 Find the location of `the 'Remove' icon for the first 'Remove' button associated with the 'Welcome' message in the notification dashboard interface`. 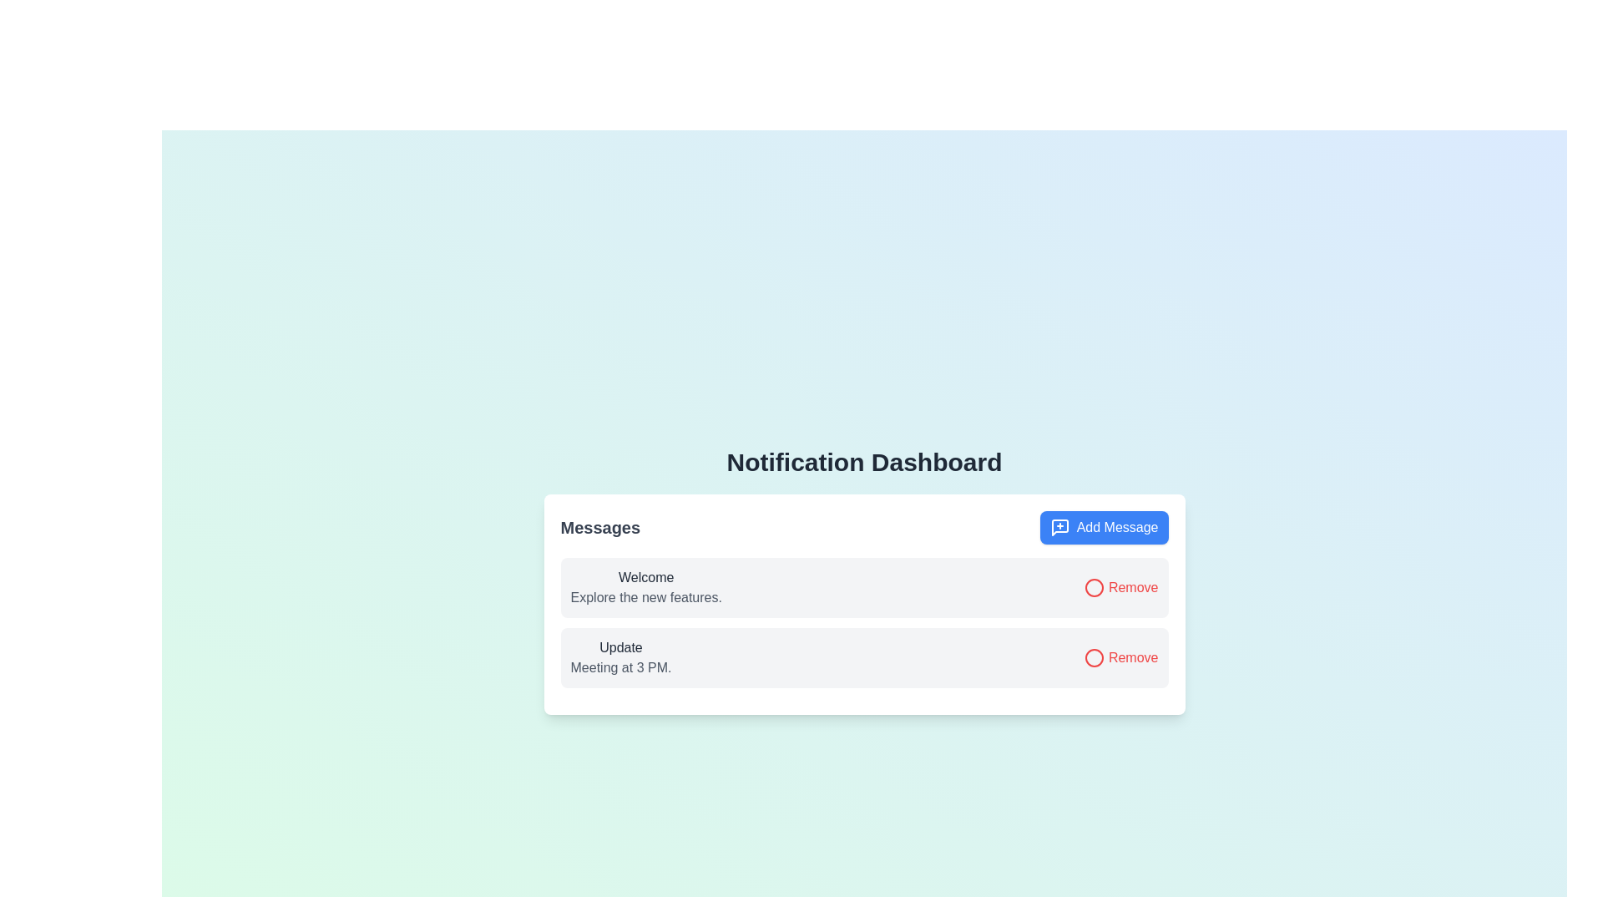

the 'Remove' icon for the first 'Remove' button associated with the 'Welcome' message in the notification dashboard interface is located at coordinates (1095, 657).